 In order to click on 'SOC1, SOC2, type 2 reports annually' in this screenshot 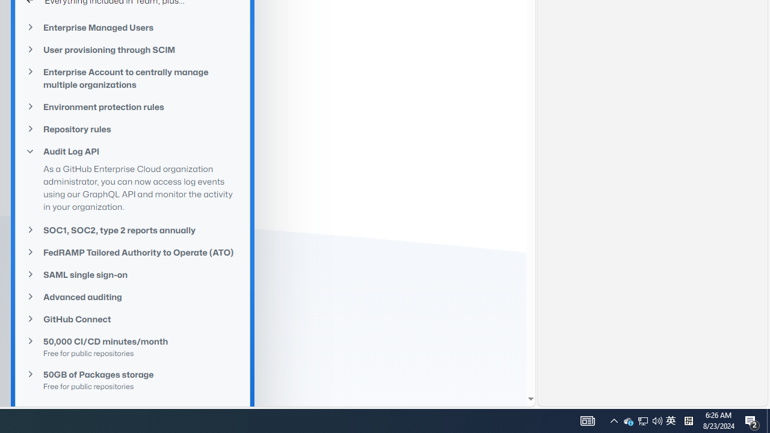, I will do `click(132, 230)`.